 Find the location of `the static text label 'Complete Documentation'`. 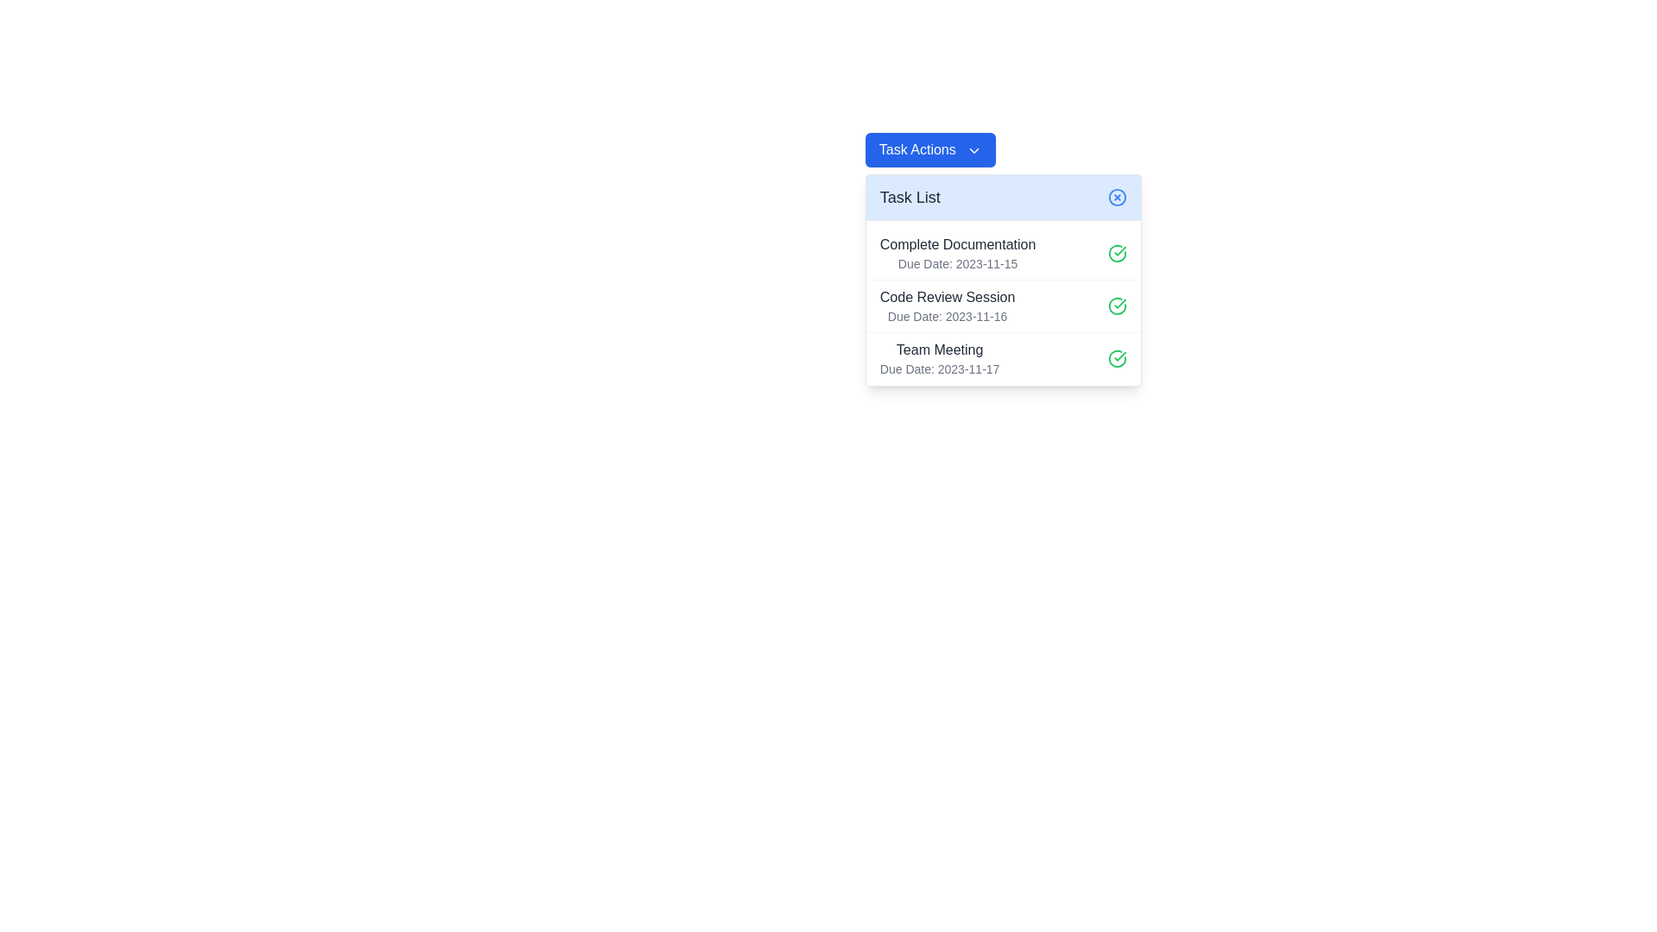

the static text label 'Complete Documentation' is located at coordinates (957, 245).